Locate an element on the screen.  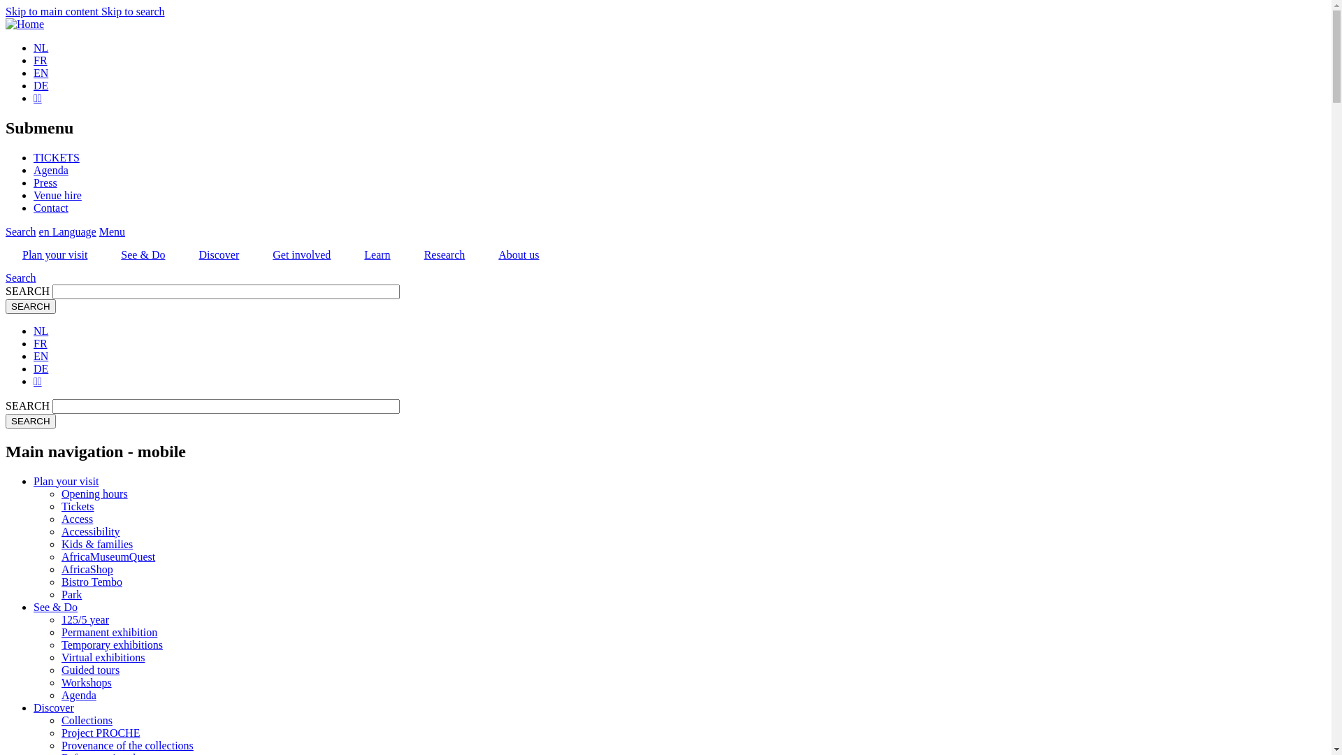
'Discover' is located at coordinates (53, 707).